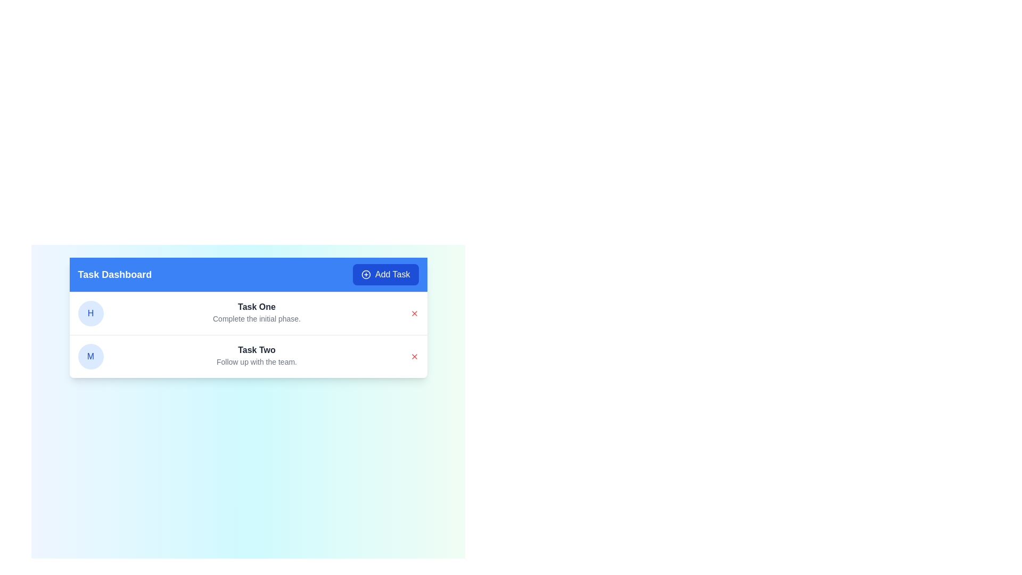 Image resolution: width=1022 pixels, height=575 pixels. I want to click on the text label that reads 'Complete the initial phase.' which is located directly below the 'Task One' header in a small gray font, so click(257, 318).